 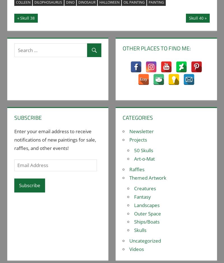 I want to click on 'Themed Artwork', so click(x=148, y=178).